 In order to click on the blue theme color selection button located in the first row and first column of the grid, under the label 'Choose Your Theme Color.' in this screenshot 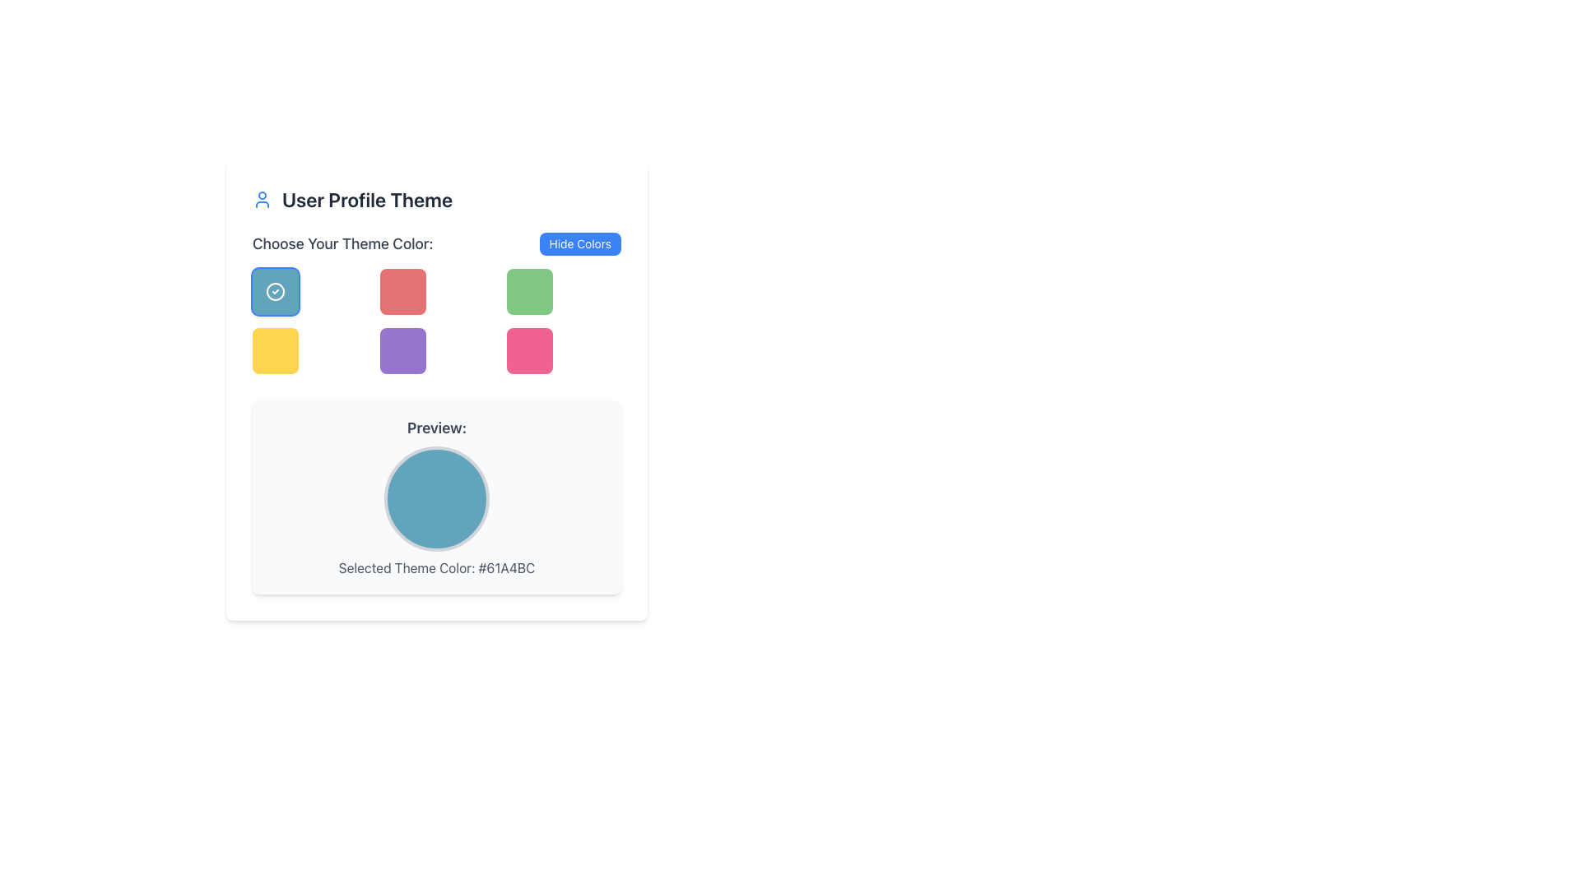, I will do `click(276, 290)`.